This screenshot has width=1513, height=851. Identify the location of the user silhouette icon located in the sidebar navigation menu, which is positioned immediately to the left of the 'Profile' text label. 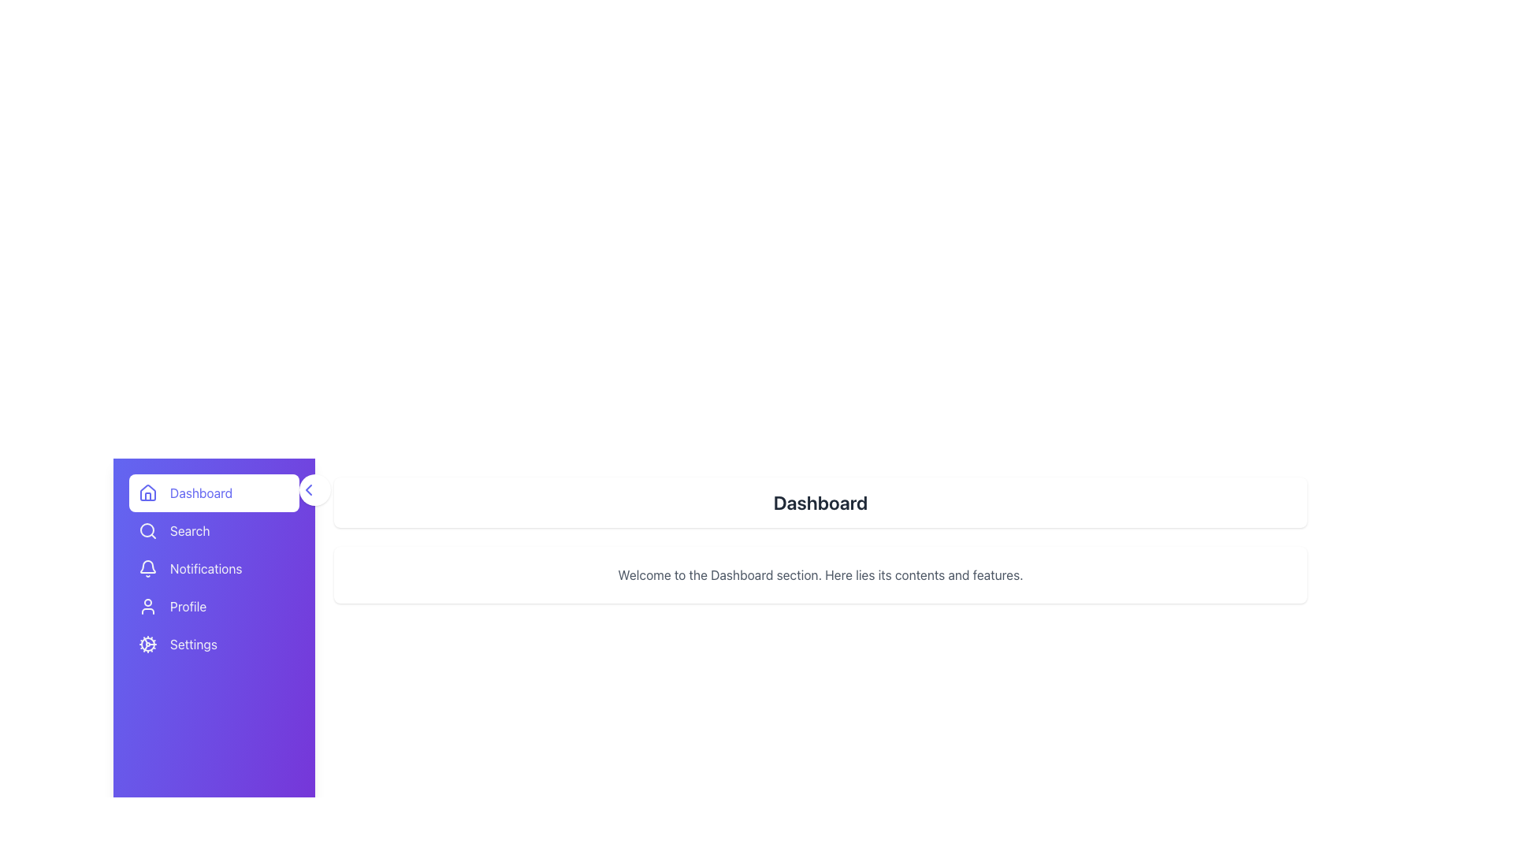
(147, 606).